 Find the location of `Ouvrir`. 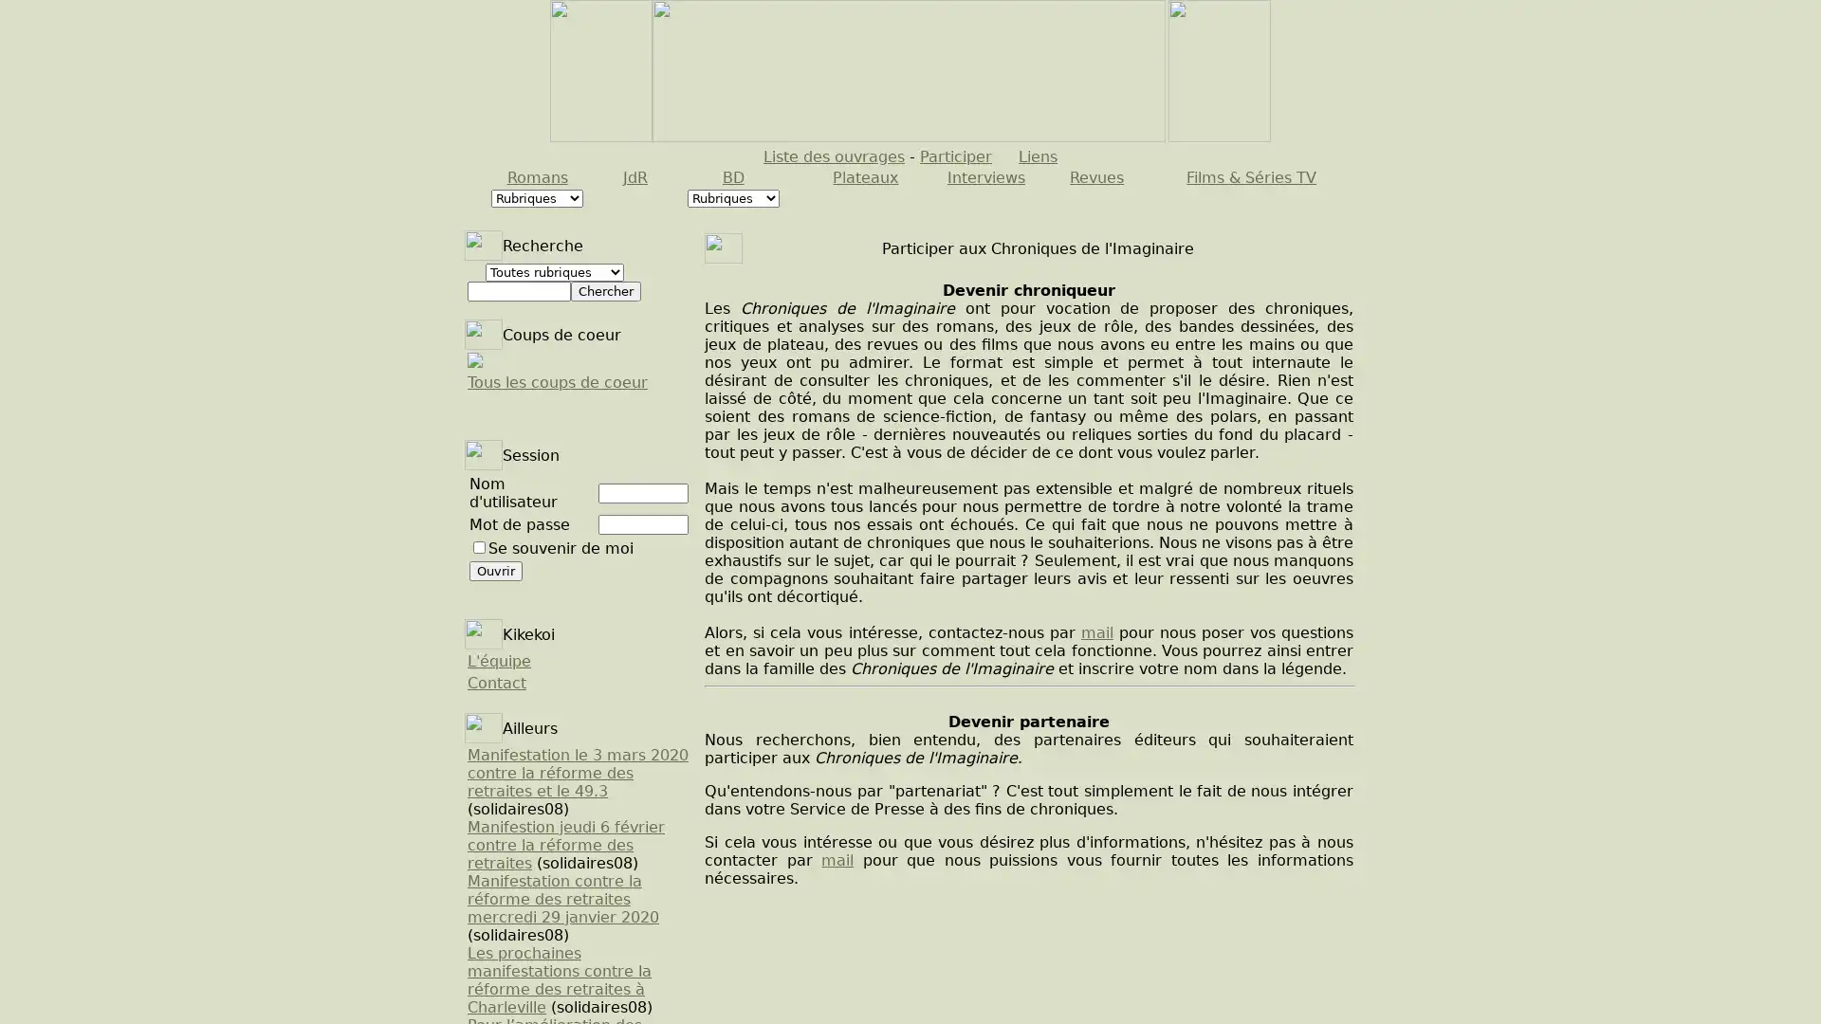

Ouvrir is located at coordinates (496, 570).